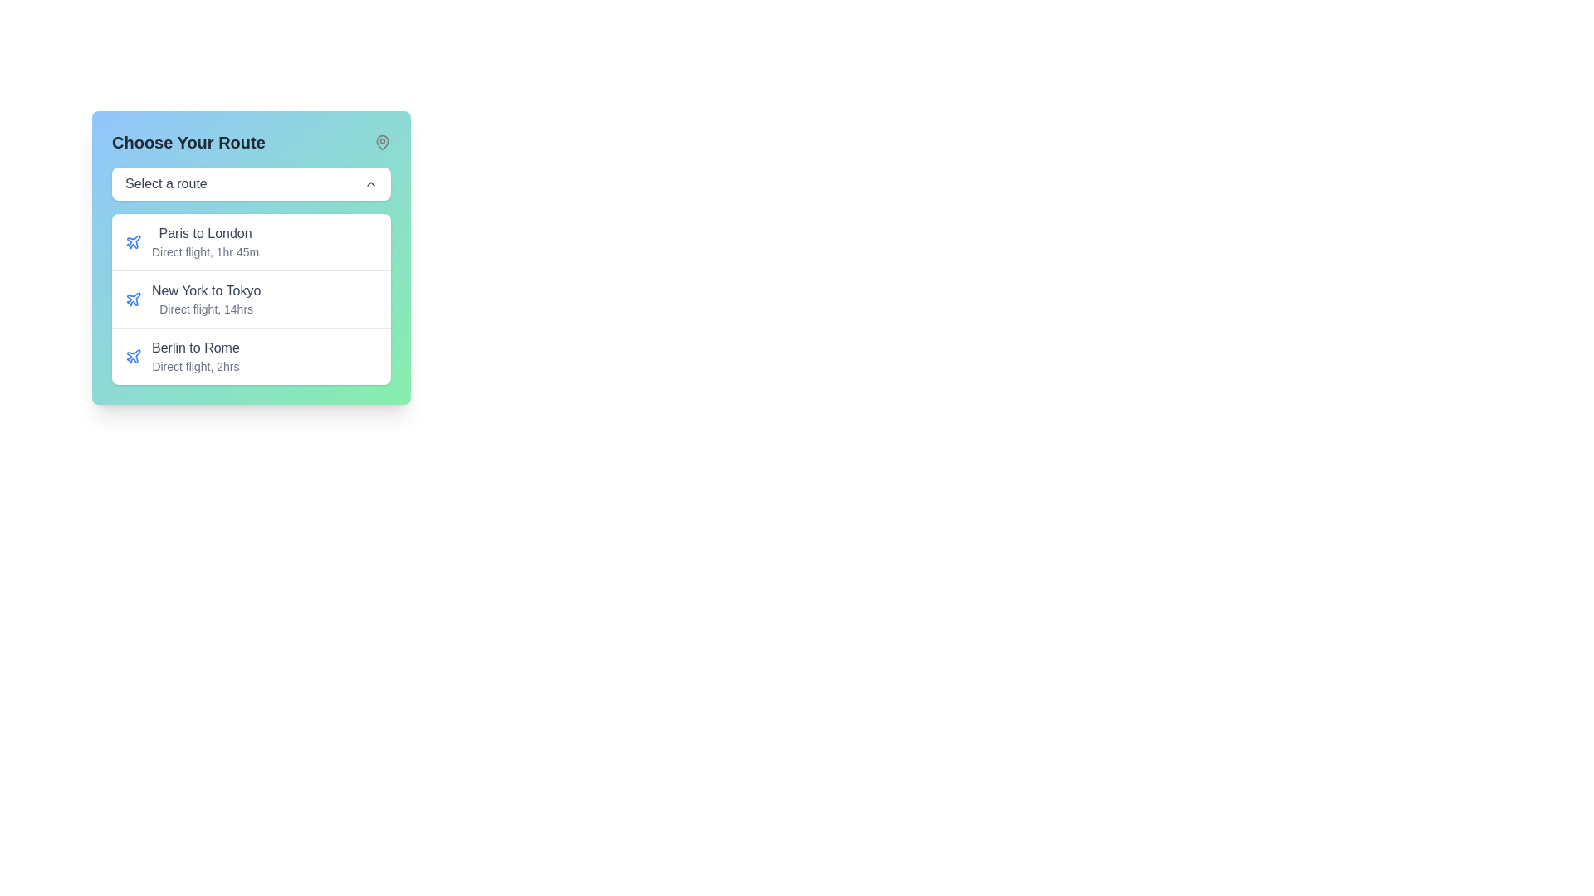  I want to click on the static text label that provides details about the flight from 'Berlin to Rome', located centrally beneath the main title text, so click(195, 366).